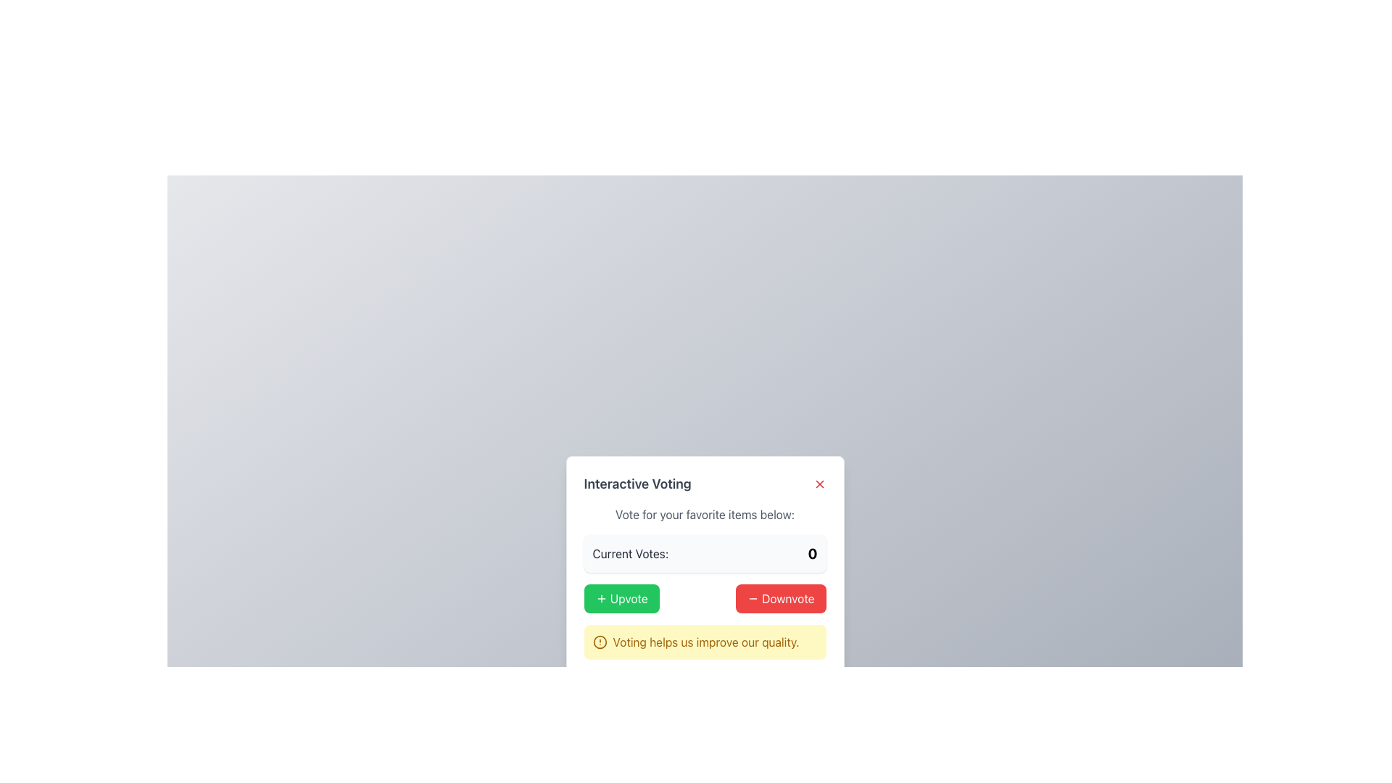 This screenshot has height=783, width=1392. Describe the element at coordinates (600, 642) in the screenshot. I see `the circular icon positioned to the left of the text 'Voting helps us improve our quality' within the notification box at the bottom of the voting interface` at that location.